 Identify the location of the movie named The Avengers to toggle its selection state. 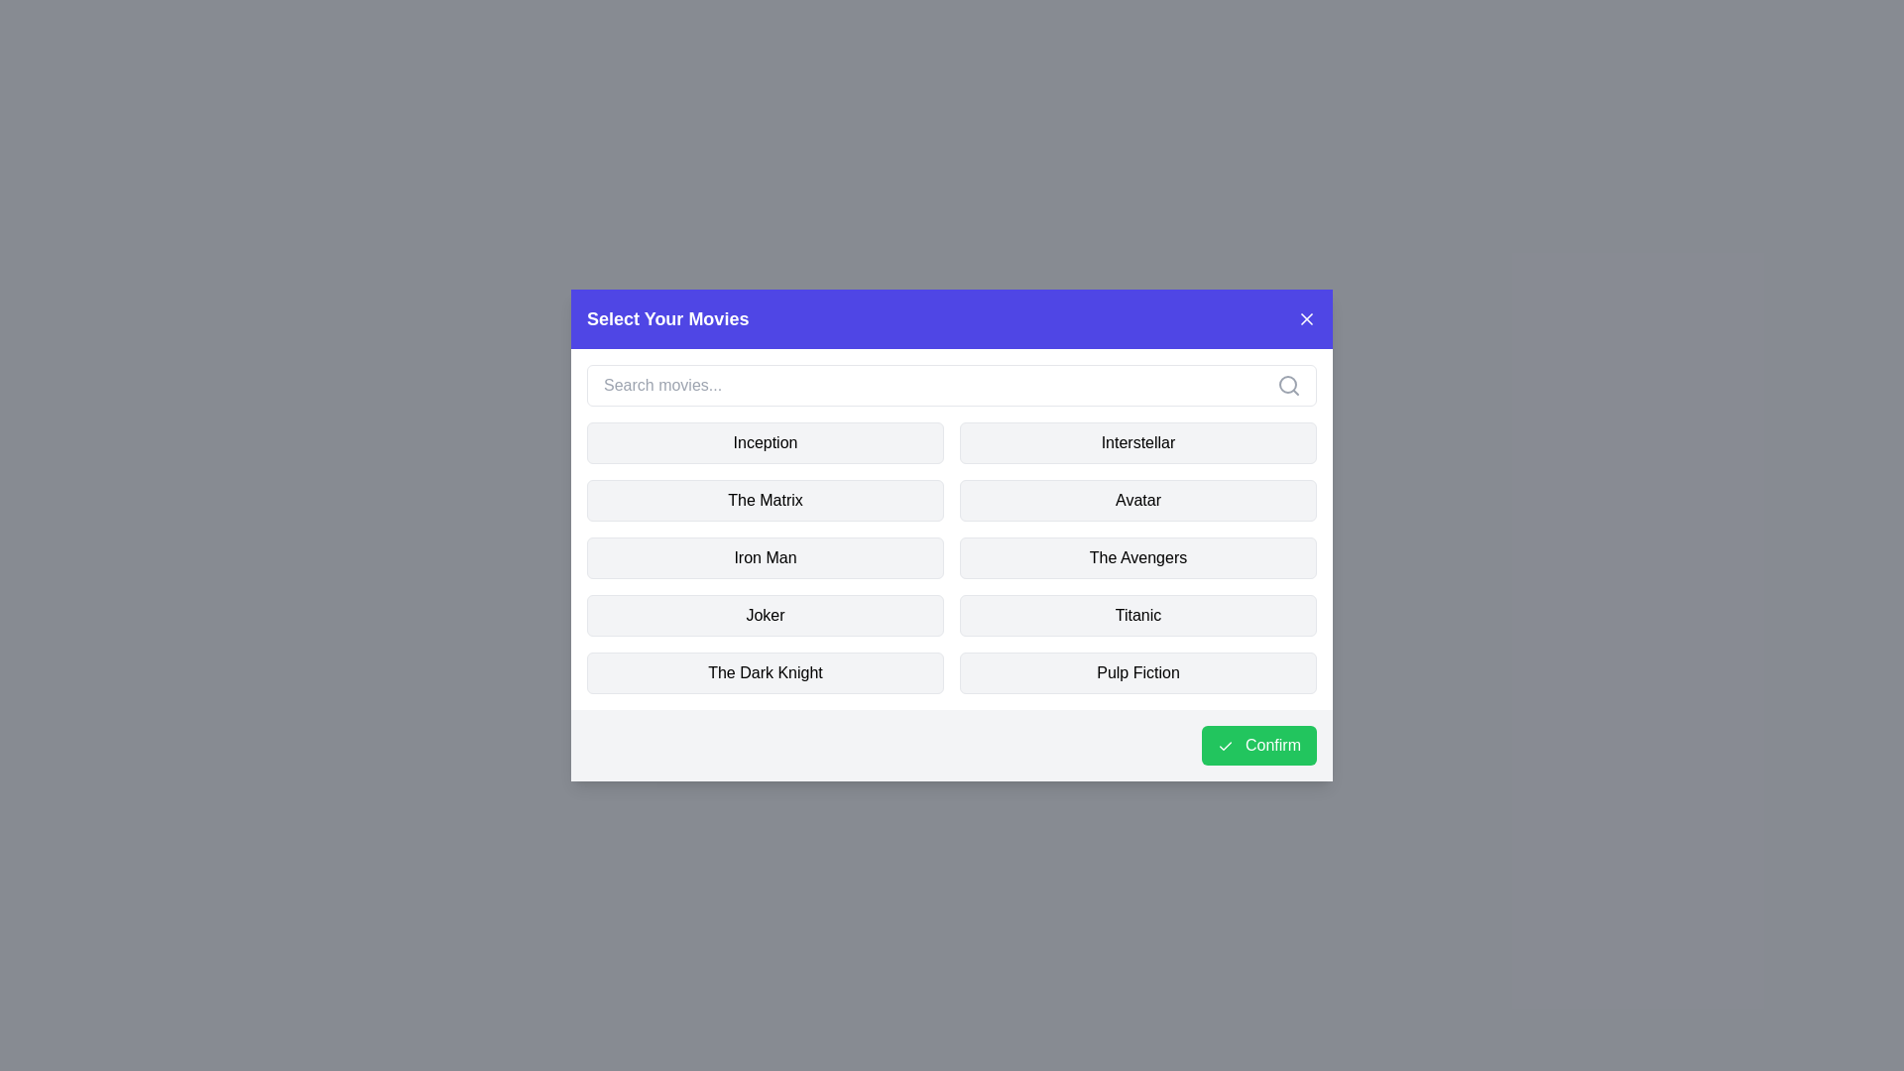
(1137, 558).